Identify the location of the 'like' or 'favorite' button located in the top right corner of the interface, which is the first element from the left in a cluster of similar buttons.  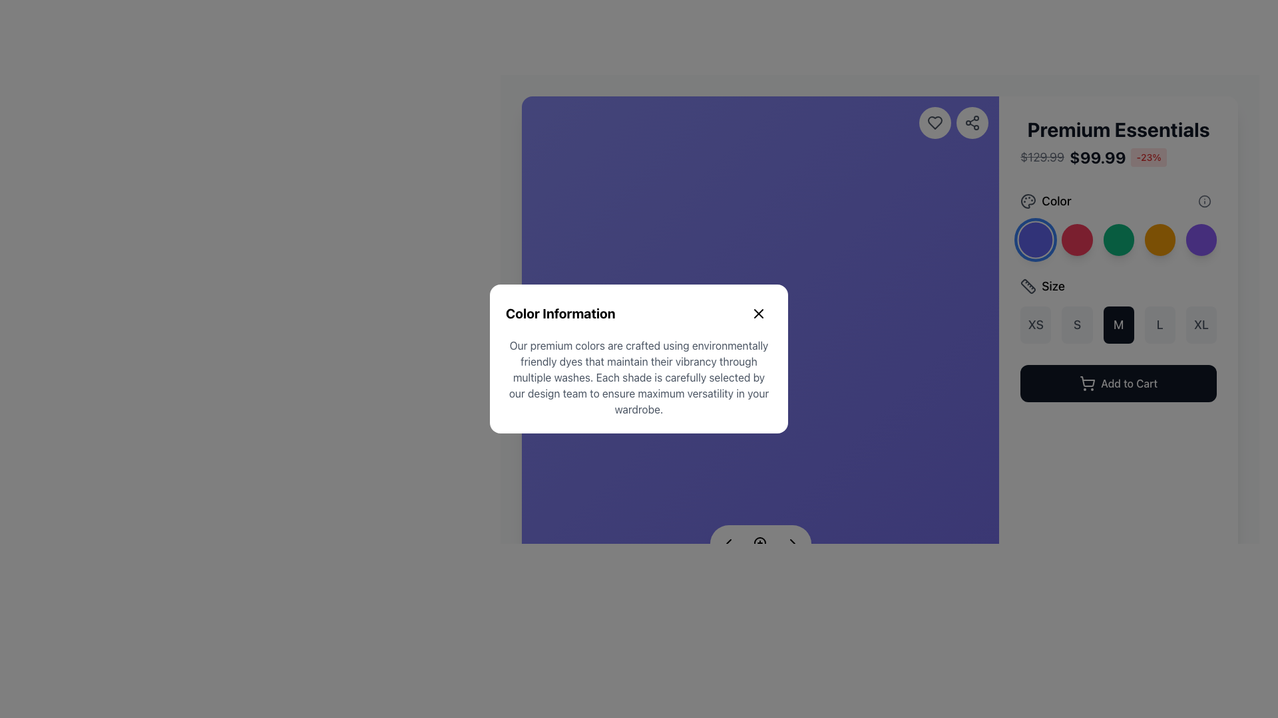
(935, 123).